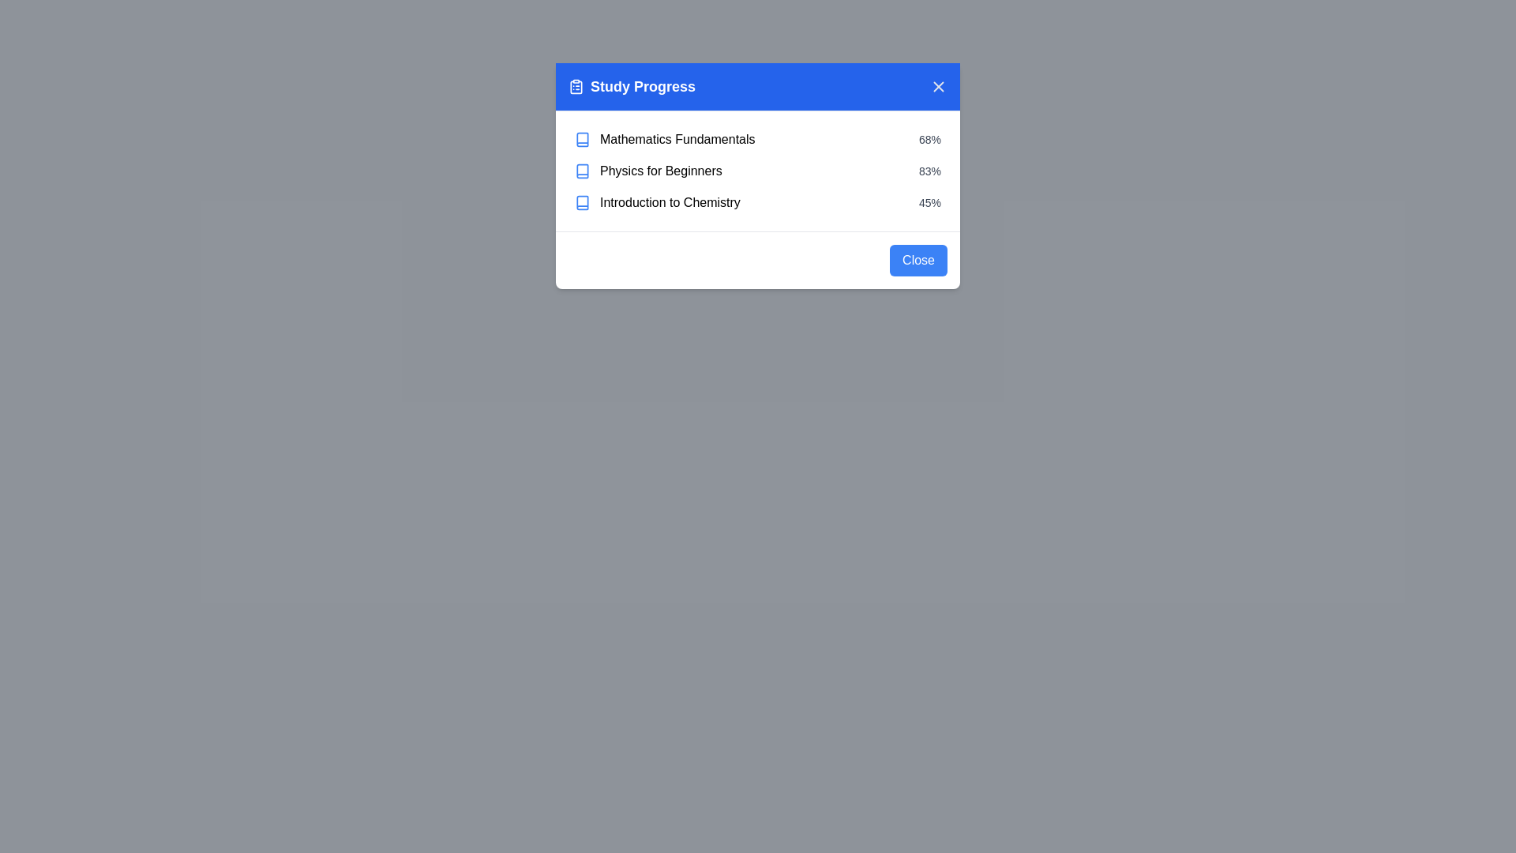 Image resolution: width=1516 pixels, height=853 pixels. I want to click on the icon representing 'study' or 'progress' themes in the 'Study Progress' dialog box, located in the top-left area of the blue header section, so click(582, 139).